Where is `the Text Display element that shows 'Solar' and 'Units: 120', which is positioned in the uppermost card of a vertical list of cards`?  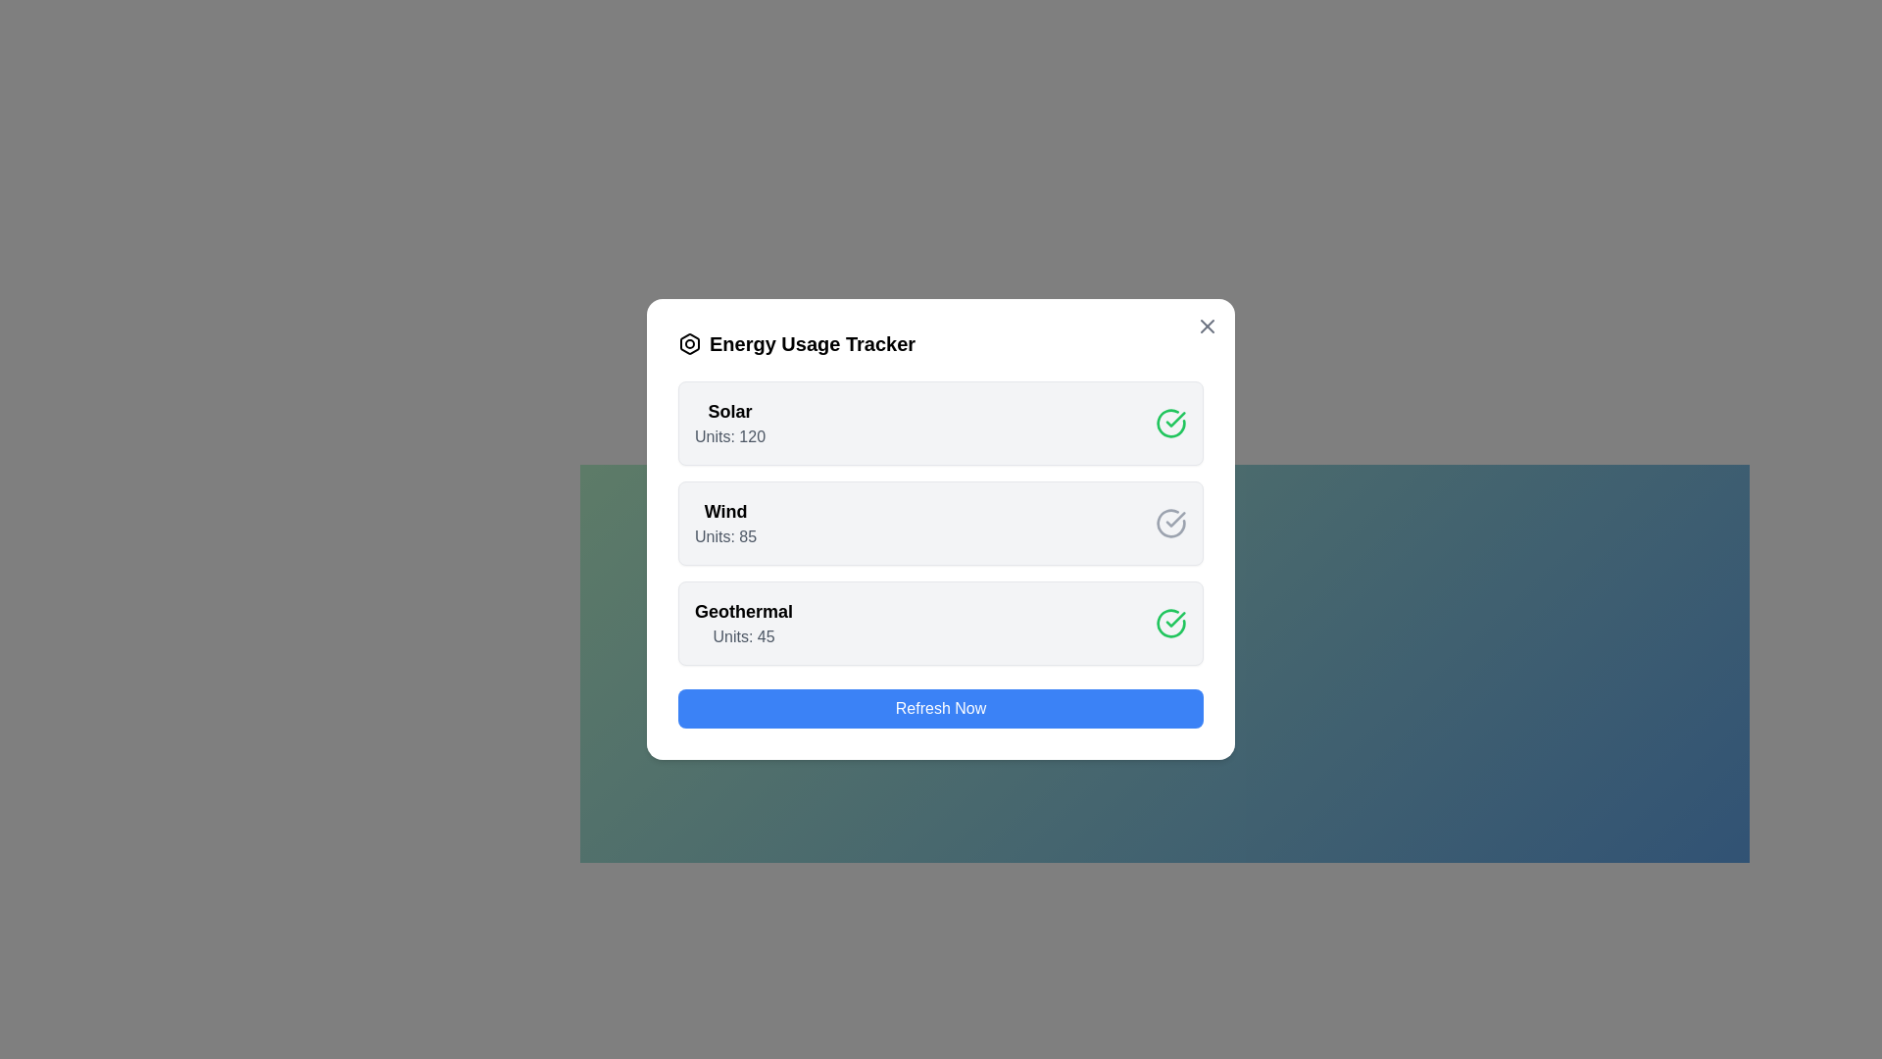
the Text Display element that shows 'Solar' and 'Units: 120', which is positioned in the uppermost card of a vertical list of cards is located at coordinates (728, 423).